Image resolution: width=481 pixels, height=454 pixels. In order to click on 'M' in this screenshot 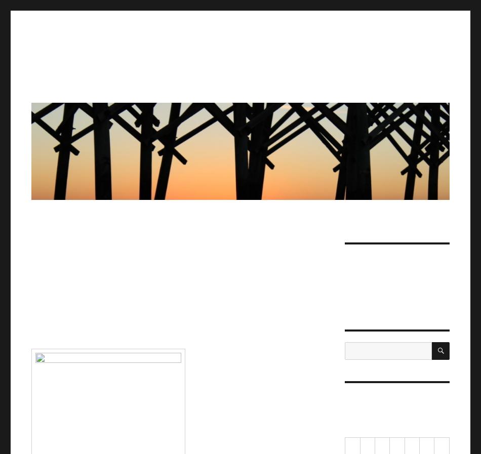, I will do `click(363, 446)`.